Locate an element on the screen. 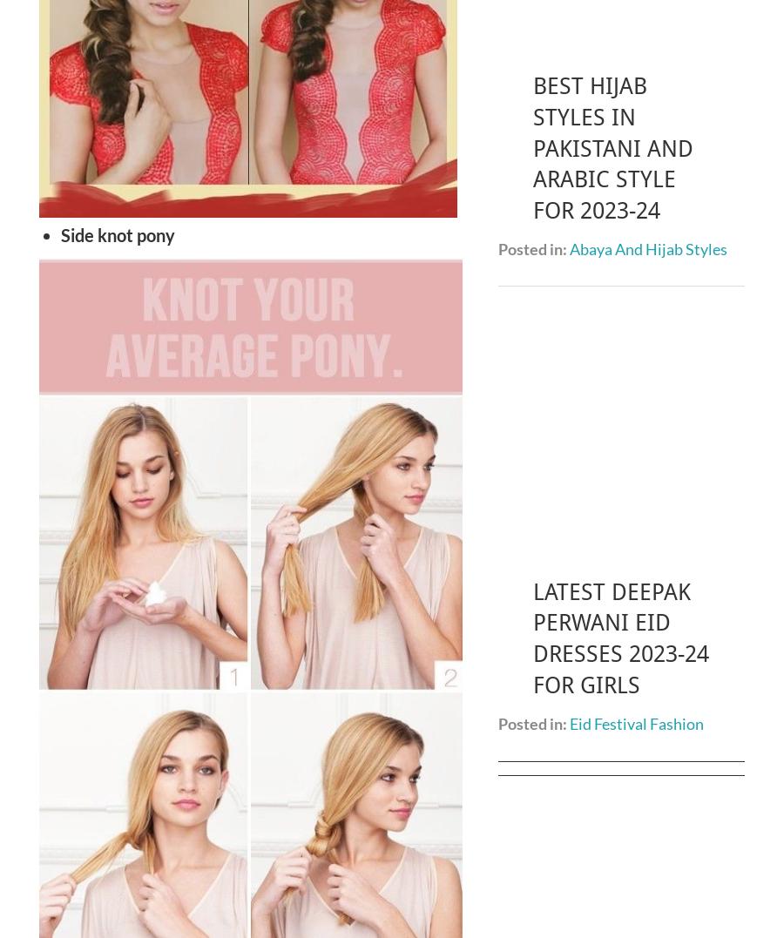 This screenshot has height=938, width=784. 'Upcoming Fashion' is located at coordinates (504, 530).